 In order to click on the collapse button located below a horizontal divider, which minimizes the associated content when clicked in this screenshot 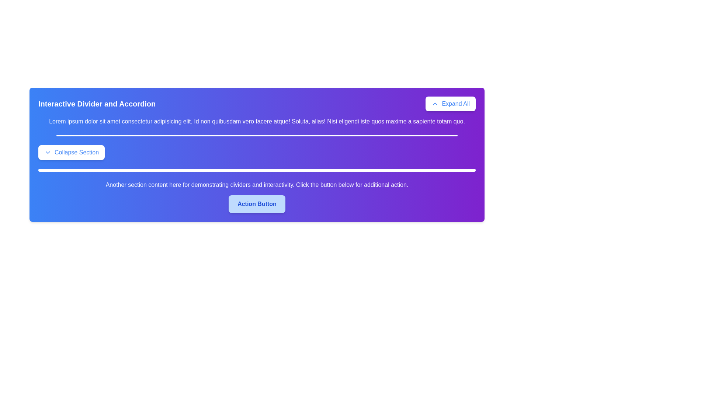, I will do `click(72, 152)`.